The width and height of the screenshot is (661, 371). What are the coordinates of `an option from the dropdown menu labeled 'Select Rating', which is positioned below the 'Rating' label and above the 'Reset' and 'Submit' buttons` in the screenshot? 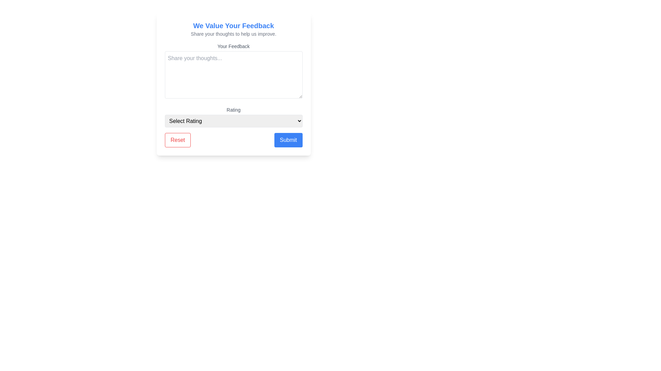 It's located at (233, 116).